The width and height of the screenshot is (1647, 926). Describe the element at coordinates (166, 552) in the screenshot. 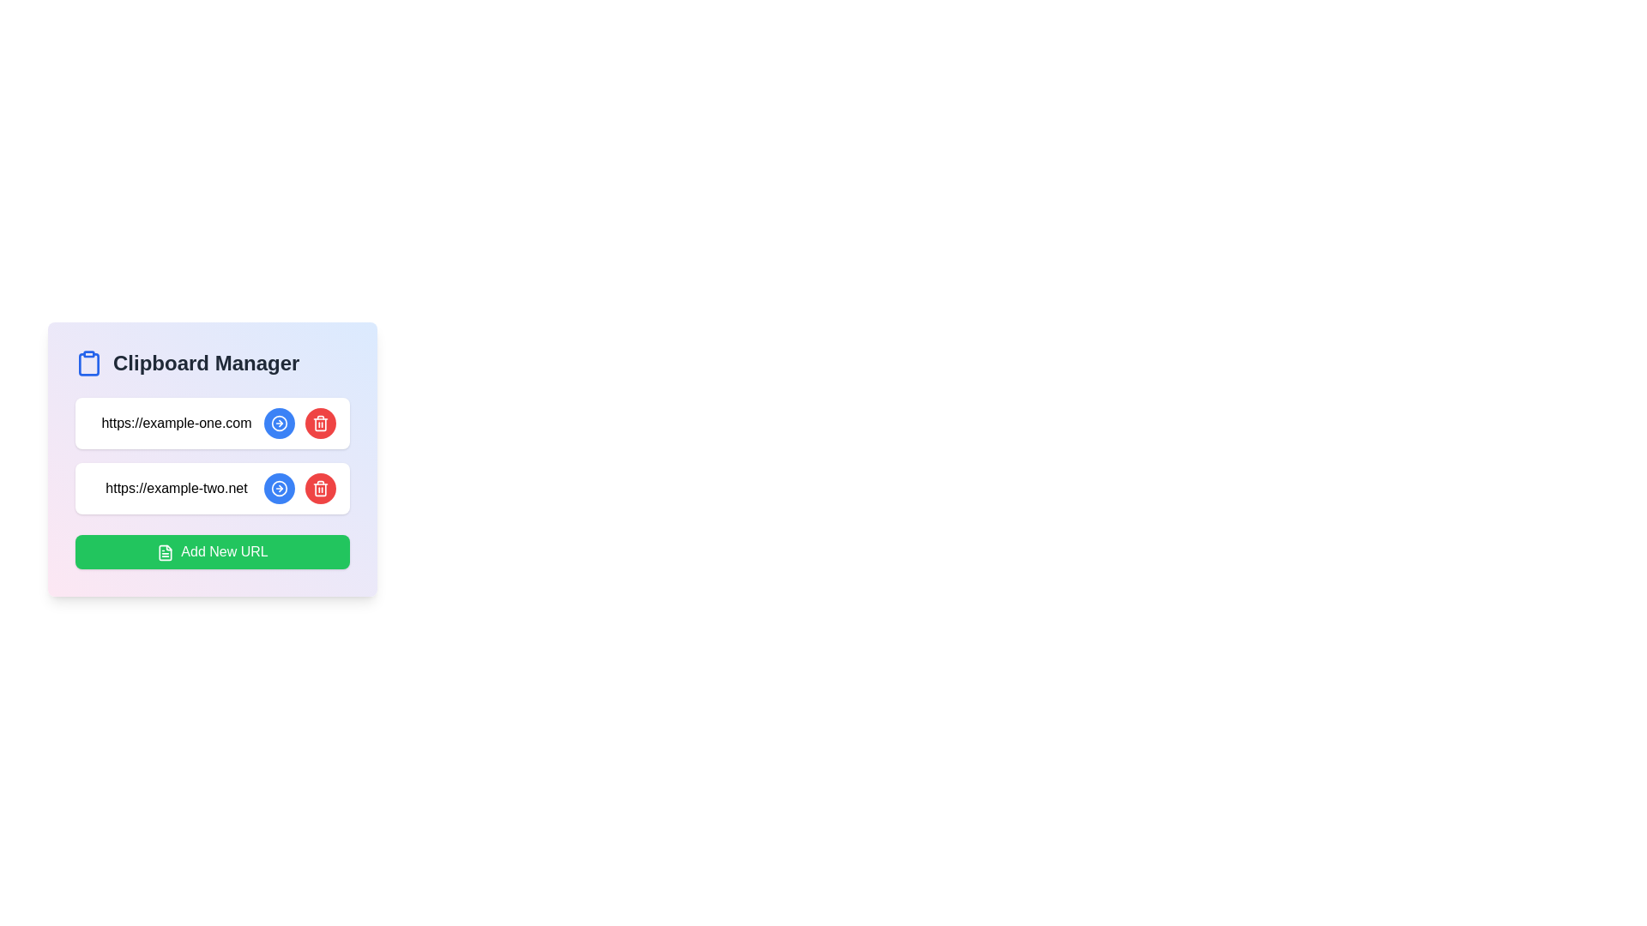

I see `the decorative icon located to the left of the 'Add New URL' button, which visually reinforces the button's purpose` at that location.